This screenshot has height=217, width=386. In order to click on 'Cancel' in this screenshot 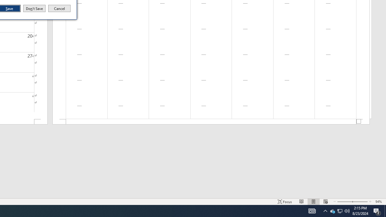, I will do `click(59, 8)`.